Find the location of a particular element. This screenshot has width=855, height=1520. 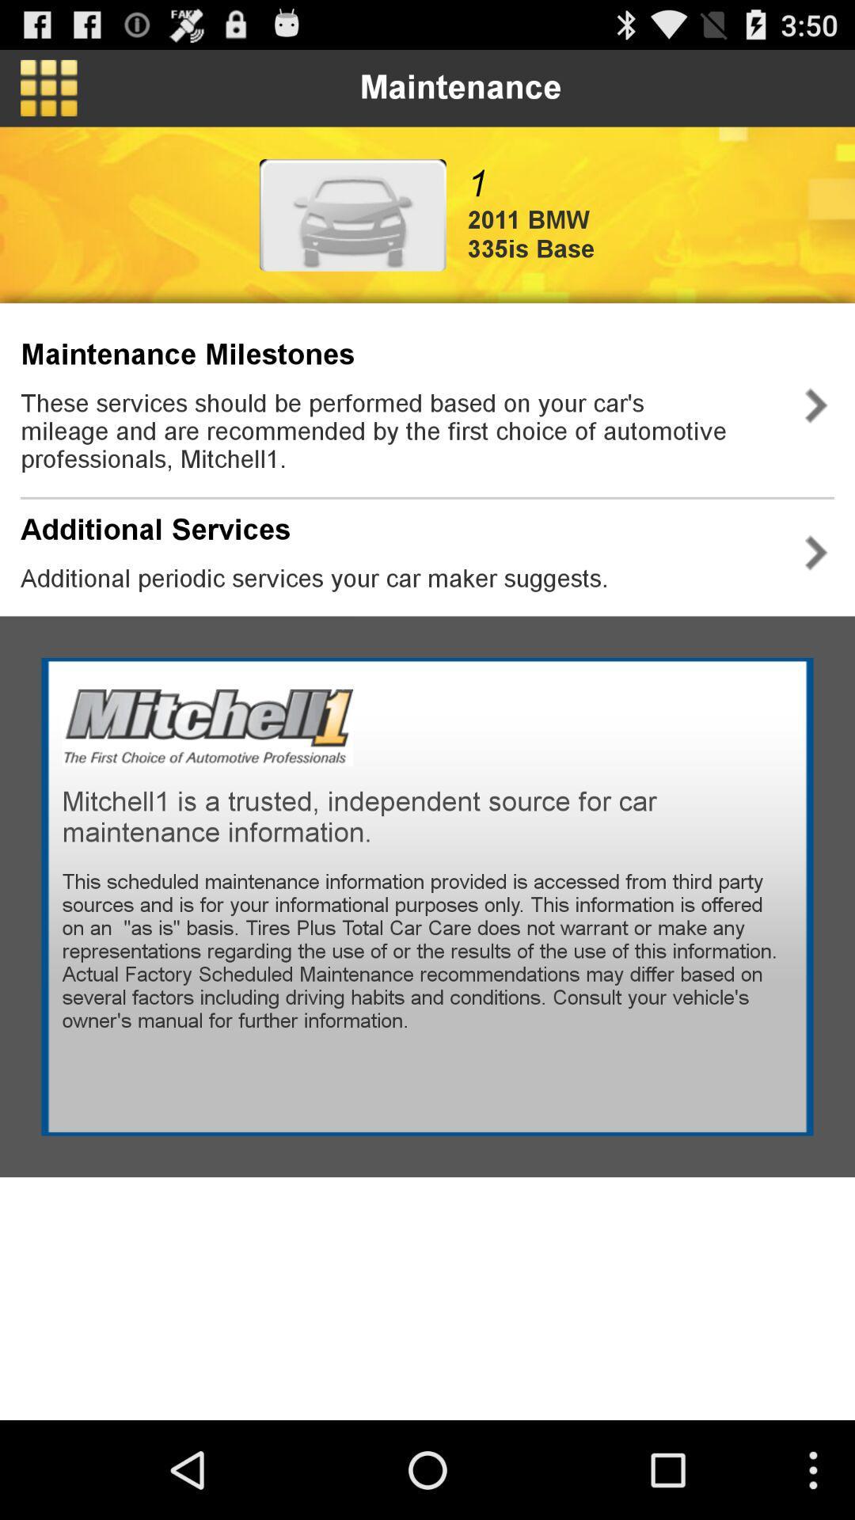

the icon above these services should app is located at coordinates (187, 354).